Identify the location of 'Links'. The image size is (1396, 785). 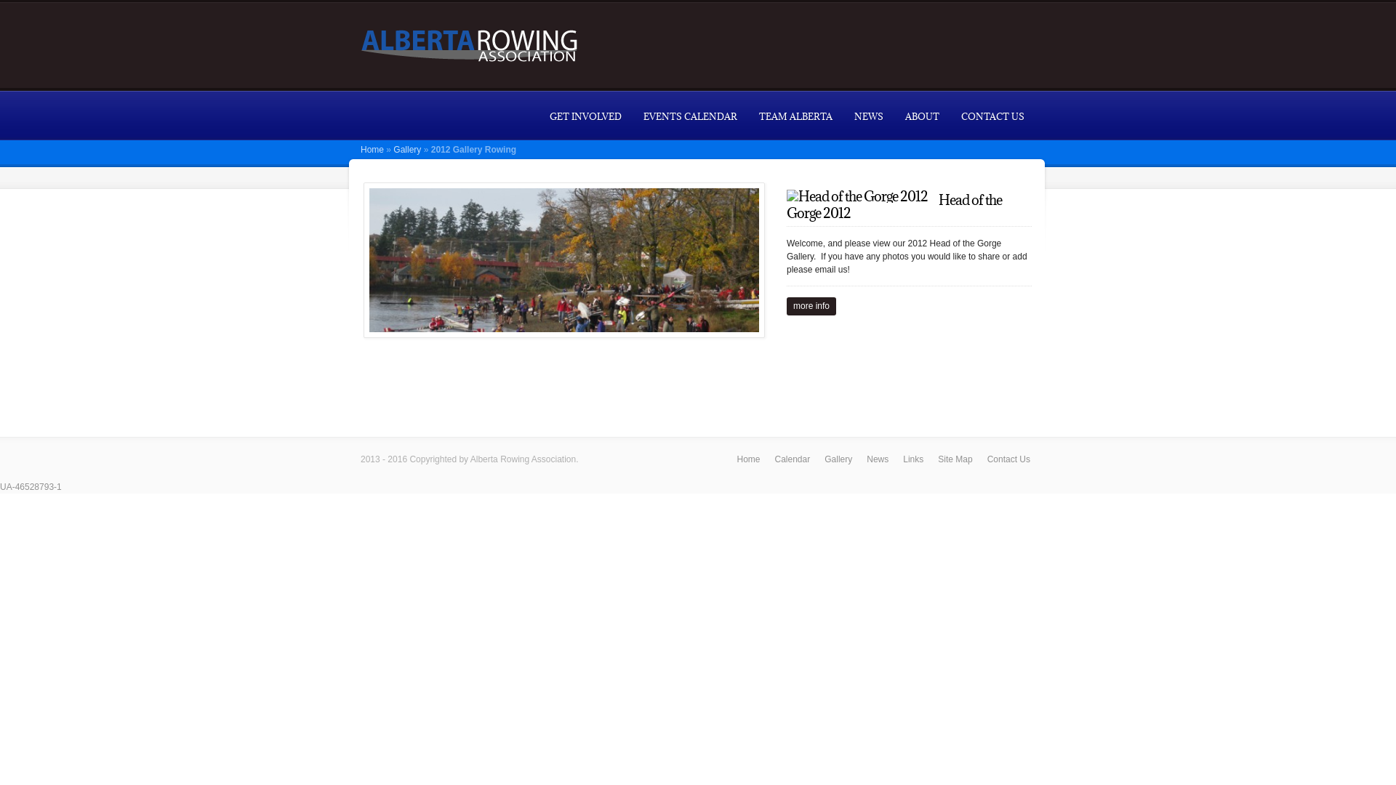
(896, 459).